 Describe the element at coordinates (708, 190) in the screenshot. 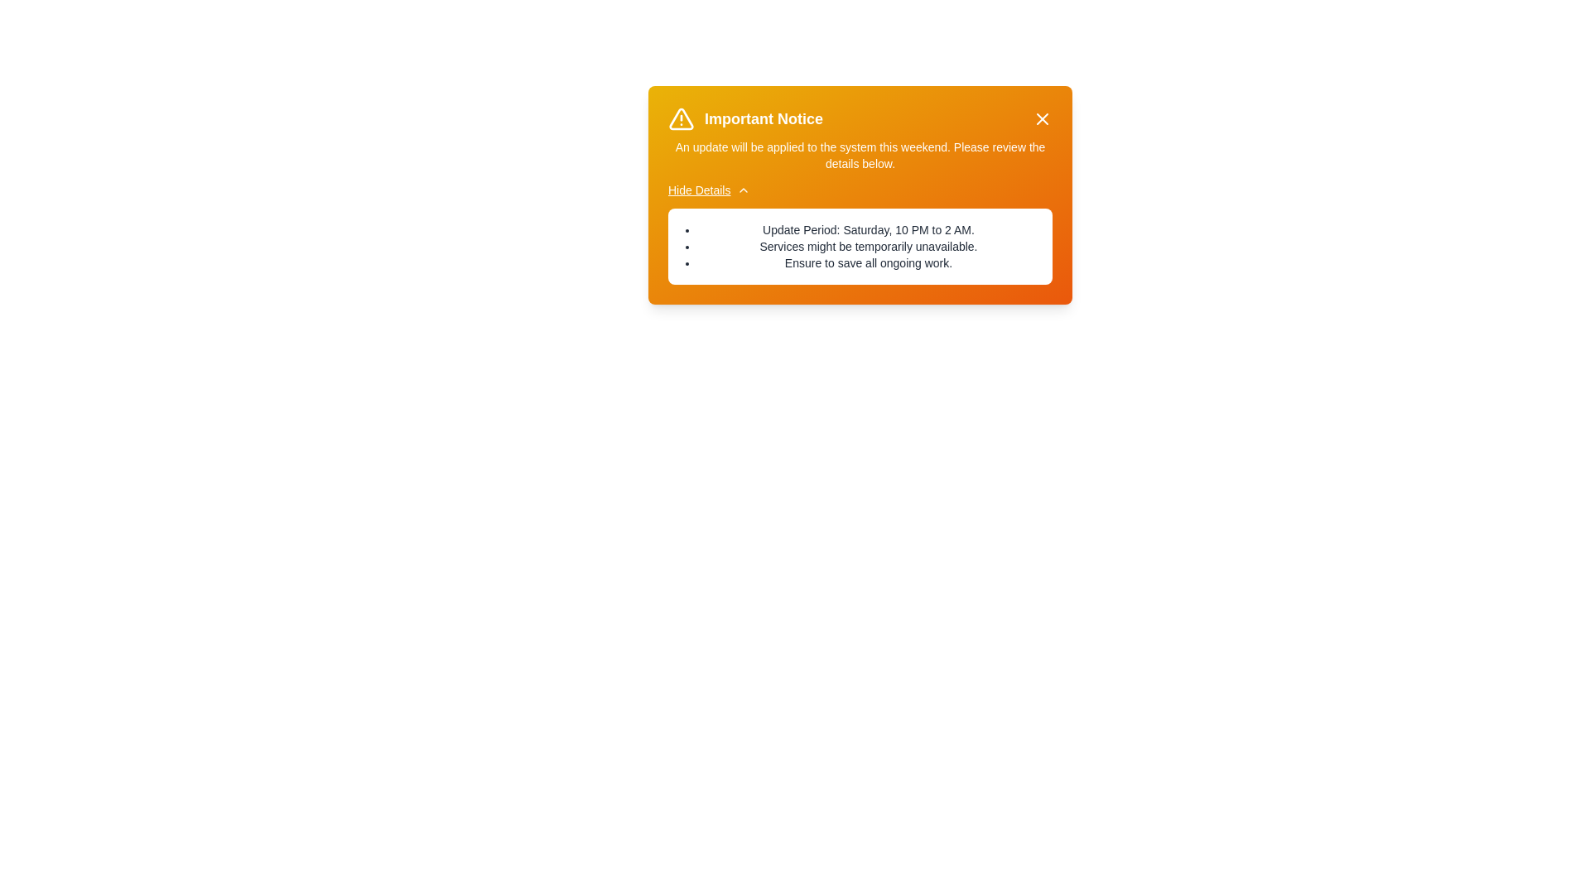

I see `the 'Hide Details' button to toggle the visibility of the details section` at that location.